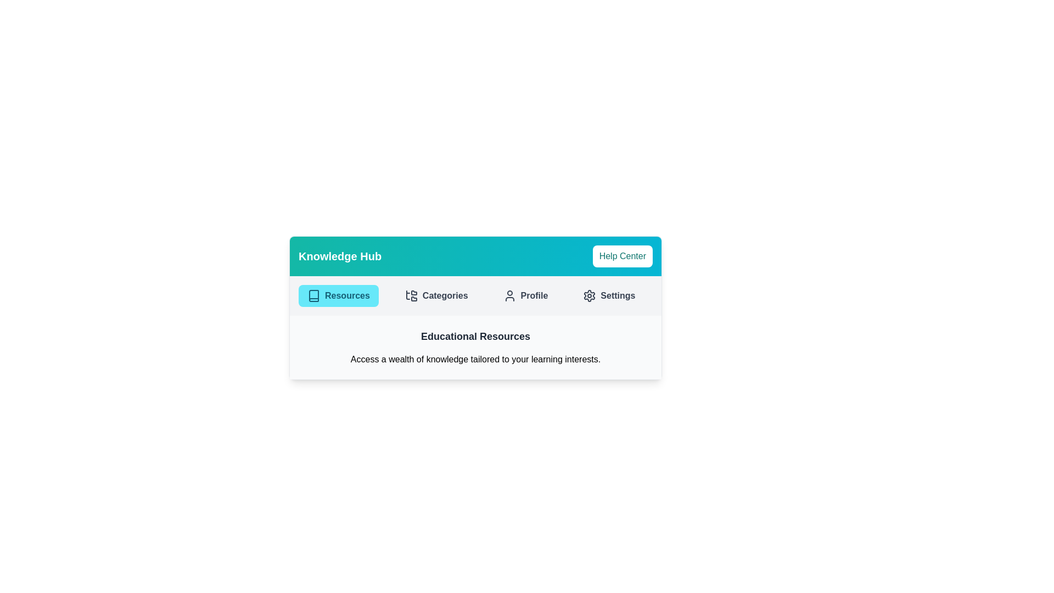 The image size is (1054, 593). I want to click on the 'Resources' icon located to the left of the 'Resources' text within the 'Resources' button, so click(313, 295).